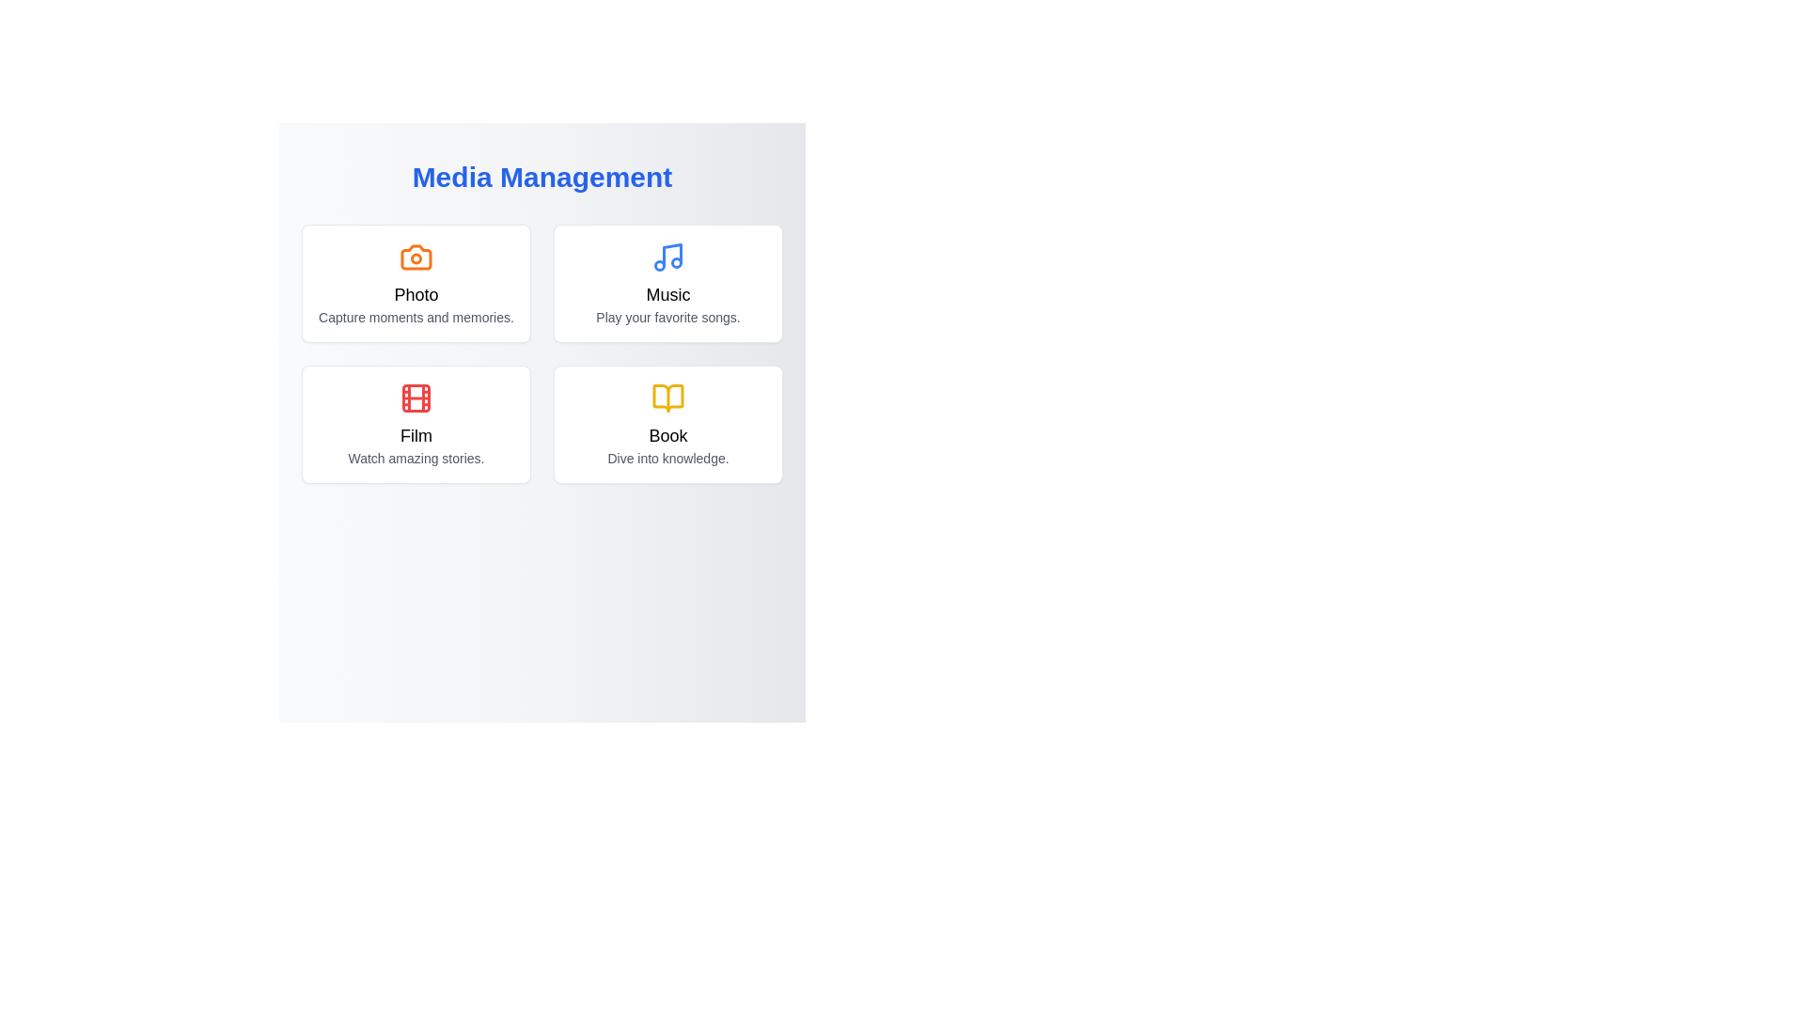 The height and width of the screenshot is (1015, 1805). I want to click on the photo management icon located in the top-left block of the grid, above the text 'Photo' and 'Capture moments and memories', to associate its meaning in context, so click(415, 257).